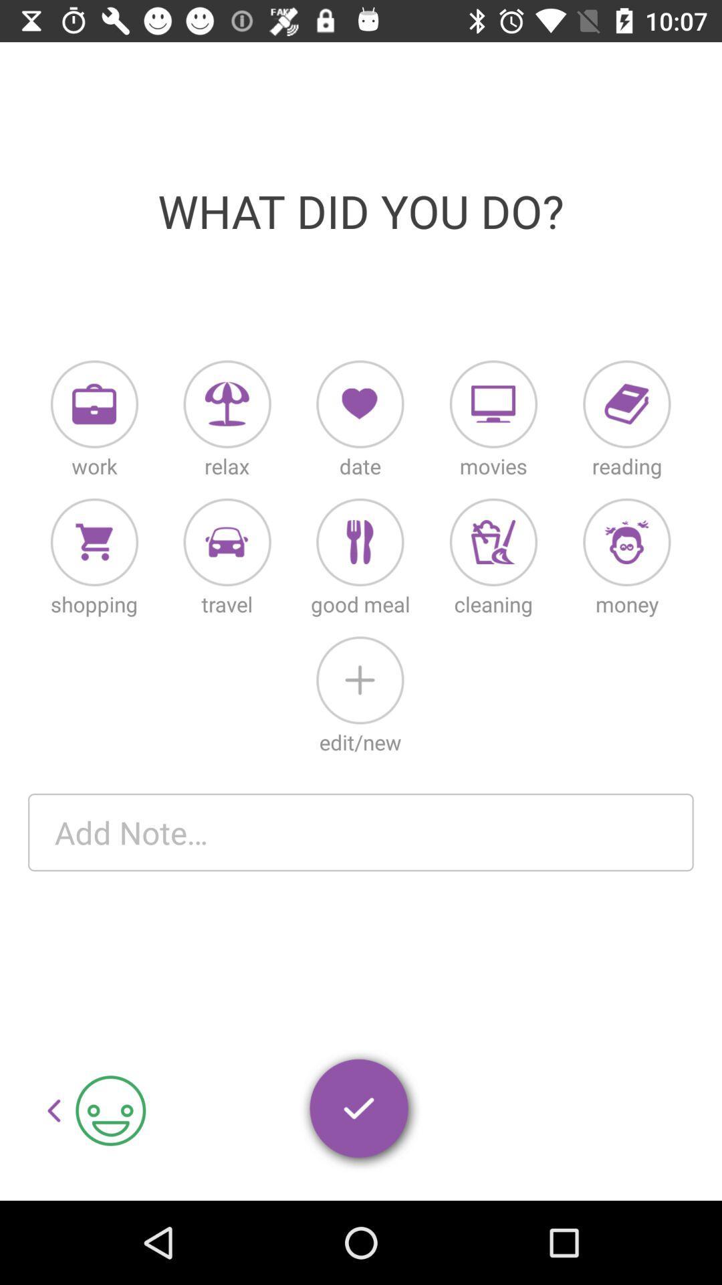 Image resolution: width=722 pixels, height=1285 pixels. I want to click on the smiley symbol which is to the right of left arrow button, so click(110, 1110).